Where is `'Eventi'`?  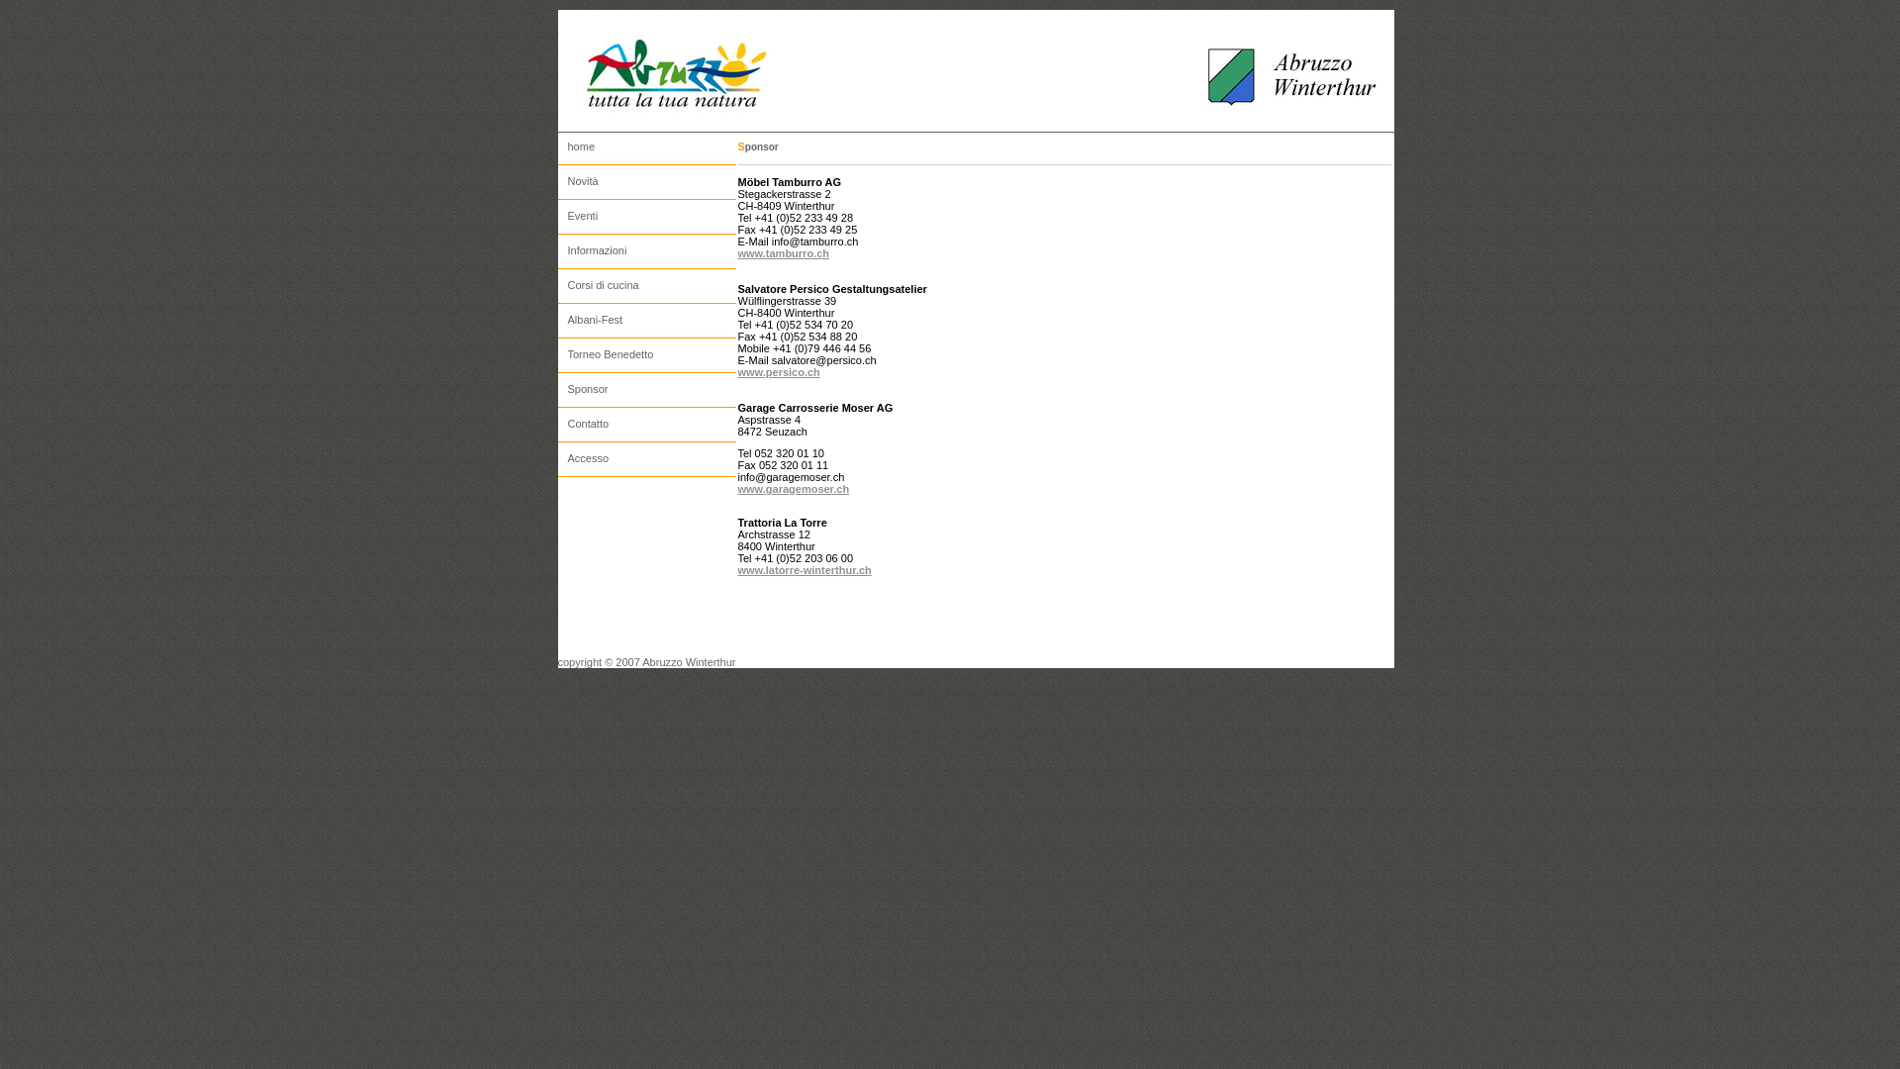
'Eventi' is located at coordinates (646, 218).